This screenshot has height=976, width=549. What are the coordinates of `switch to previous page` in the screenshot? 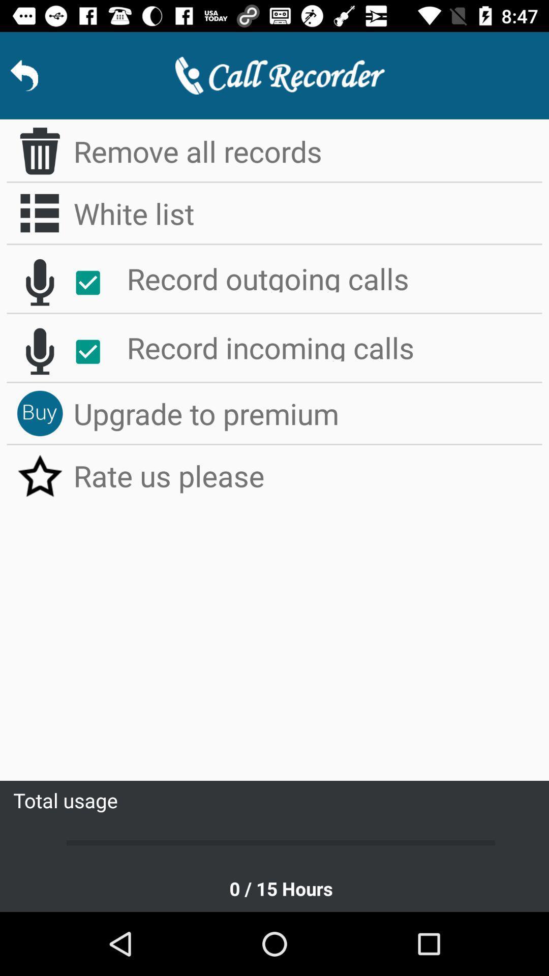 It's located at (23, 75).